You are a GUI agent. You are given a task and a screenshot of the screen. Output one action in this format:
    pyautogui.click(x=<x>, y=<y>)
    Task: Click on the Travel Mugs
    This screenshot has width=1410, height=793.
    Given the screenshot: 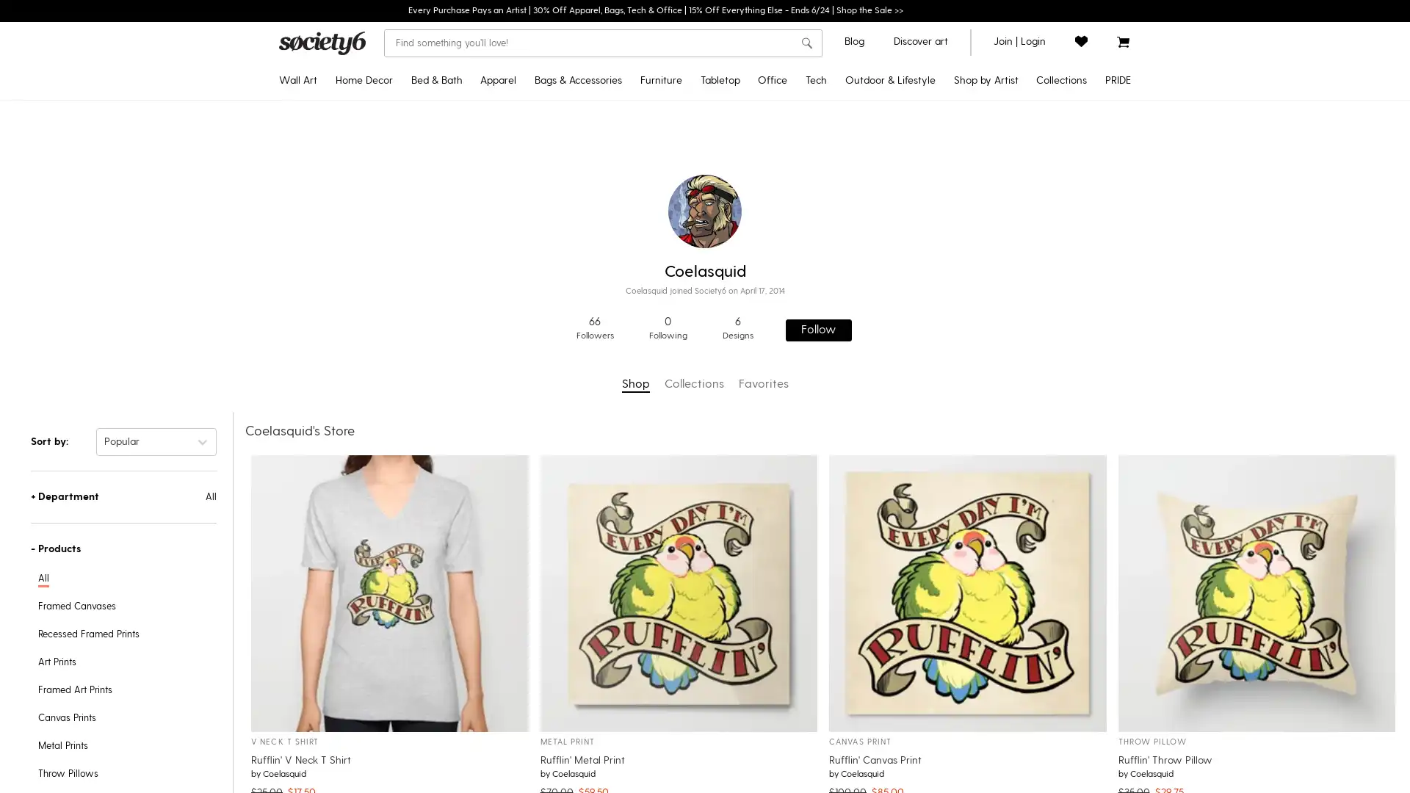 What is the action you would take?
    pyautogui.click(x=909, y=212)
    